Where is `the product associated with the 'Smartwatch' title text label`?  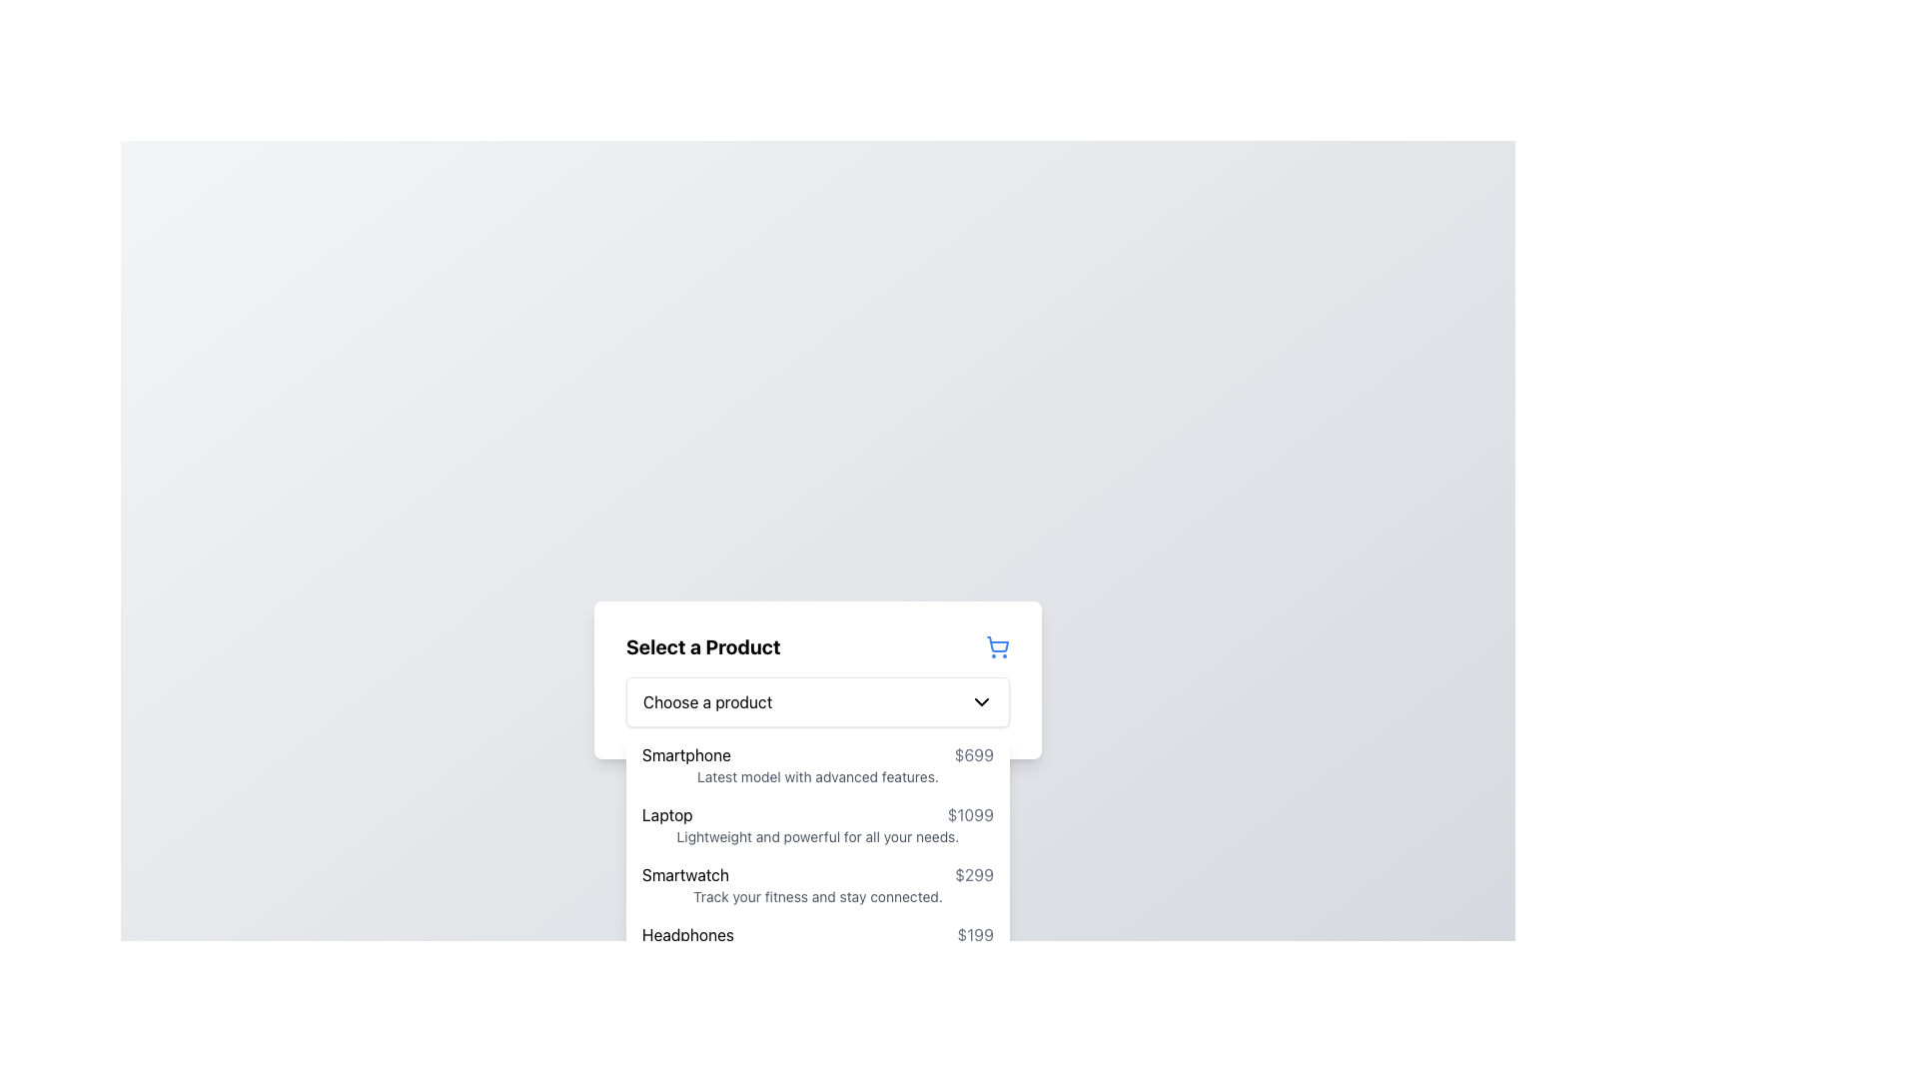
the product associated with the 'Smartwatch' title text label is located at coordinates (685, 873).